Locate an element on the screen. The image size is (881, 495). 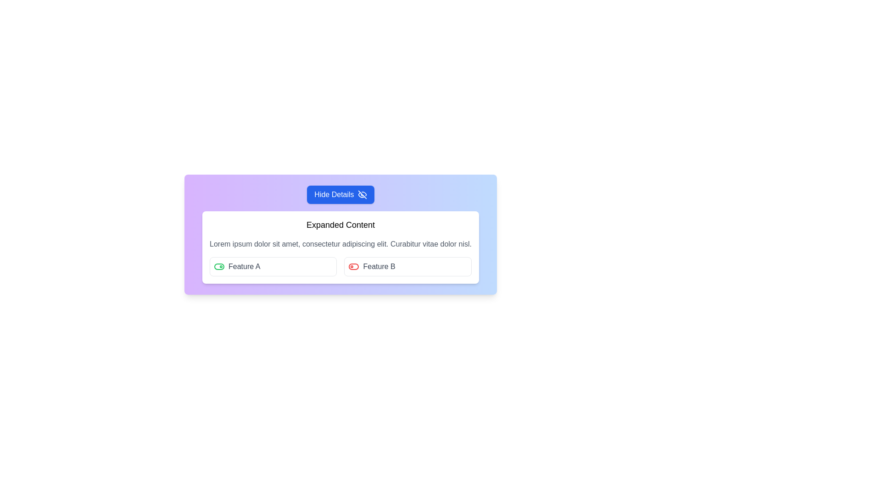
text content from the rectangular content box titled 'Expanded Content' with rounded corners and a white background, located below the 'Hide Details' button is located at coordinates (340, 247).